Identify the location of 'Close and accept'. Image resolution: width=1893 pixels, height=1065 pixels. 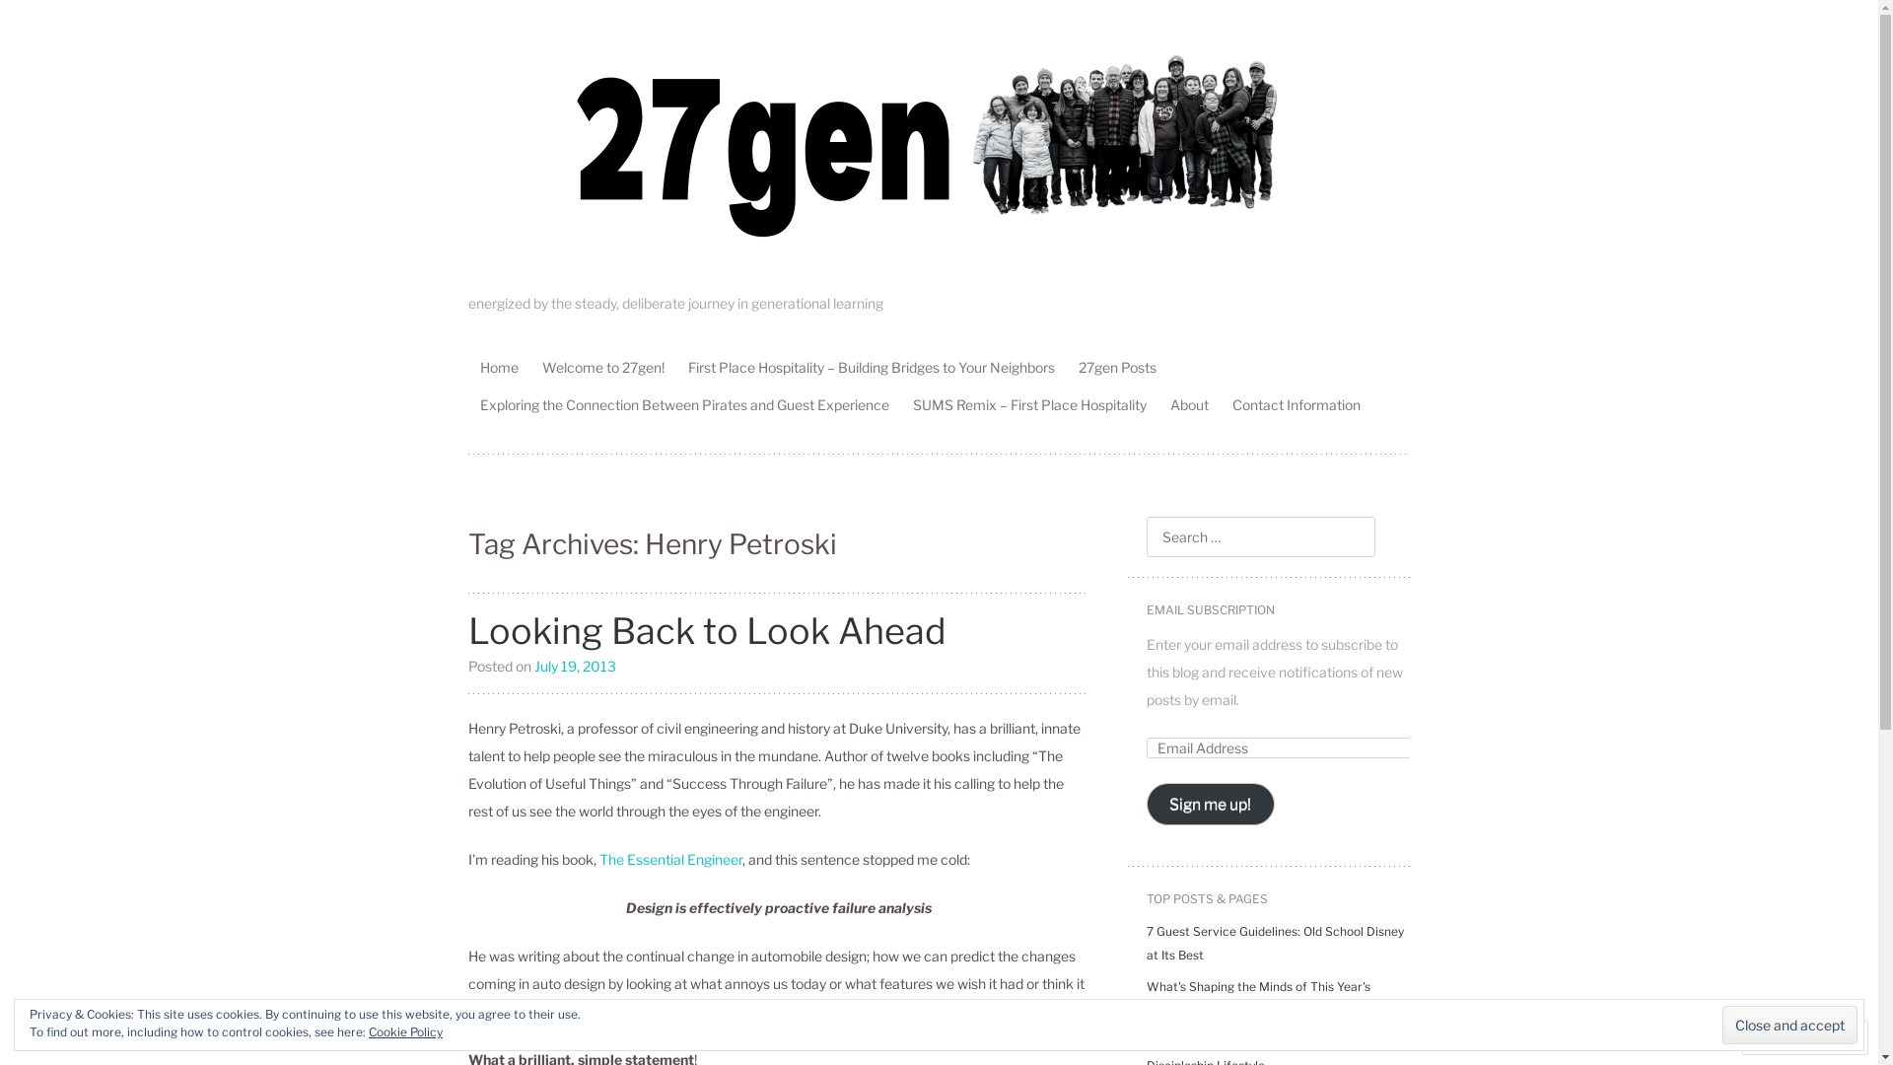
(1721, 1024).